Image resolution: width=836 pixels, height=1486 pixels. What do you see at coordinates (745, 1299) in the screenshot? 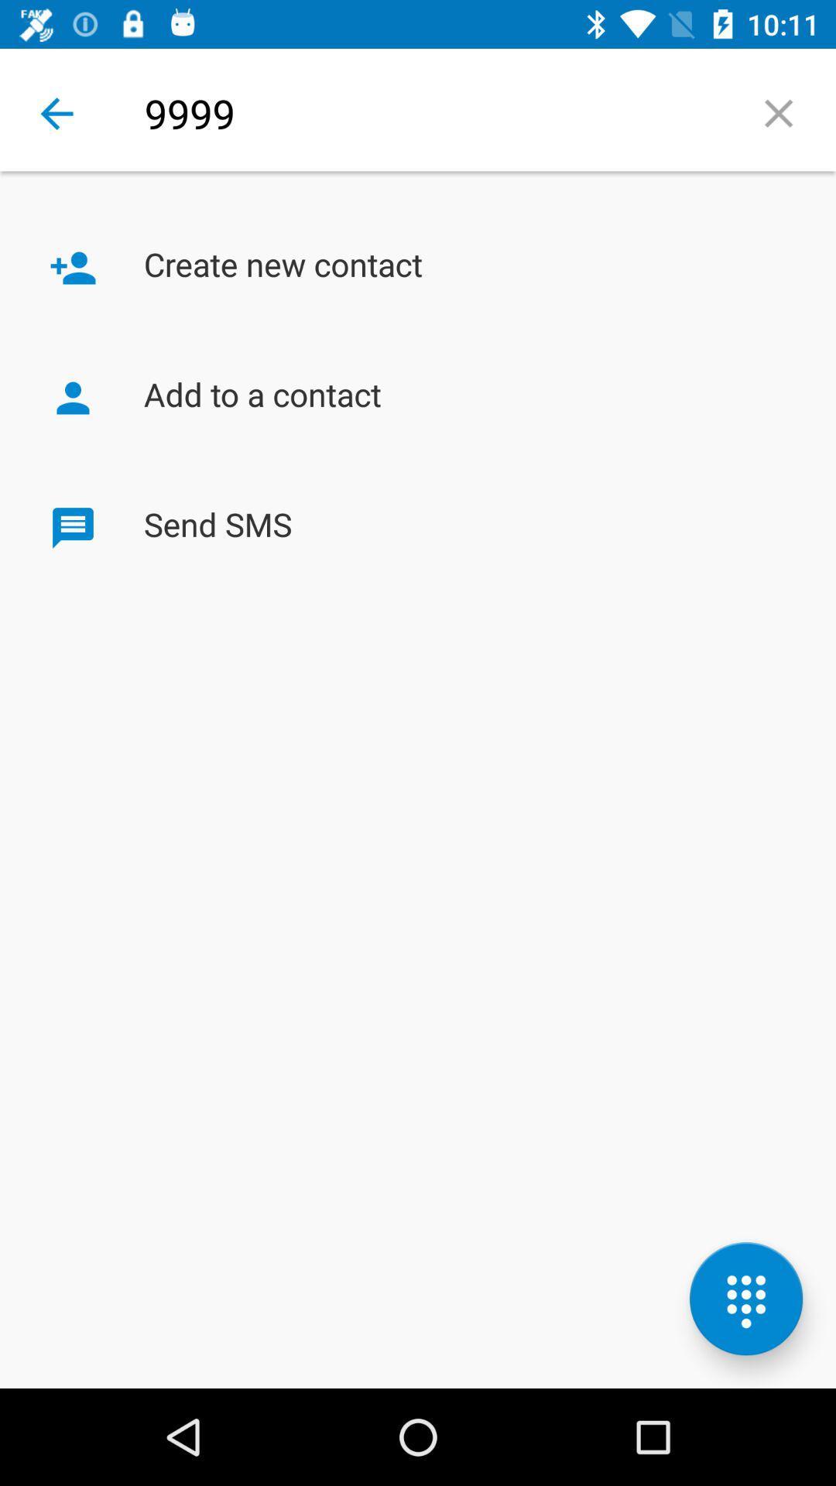
I see `the dialpad icon` at bounding box center [745, 1299].